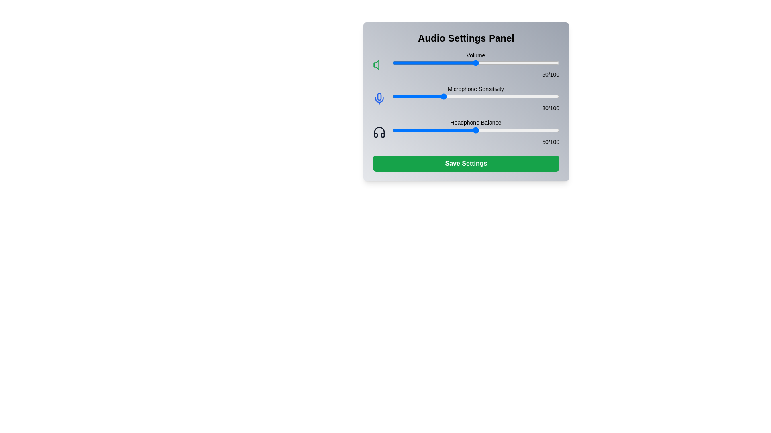 This screenshot has width=771, height=433. Describe the element at coordinates (474, 96) in the screenshot. I see `the microphone sensitivity` at that location.